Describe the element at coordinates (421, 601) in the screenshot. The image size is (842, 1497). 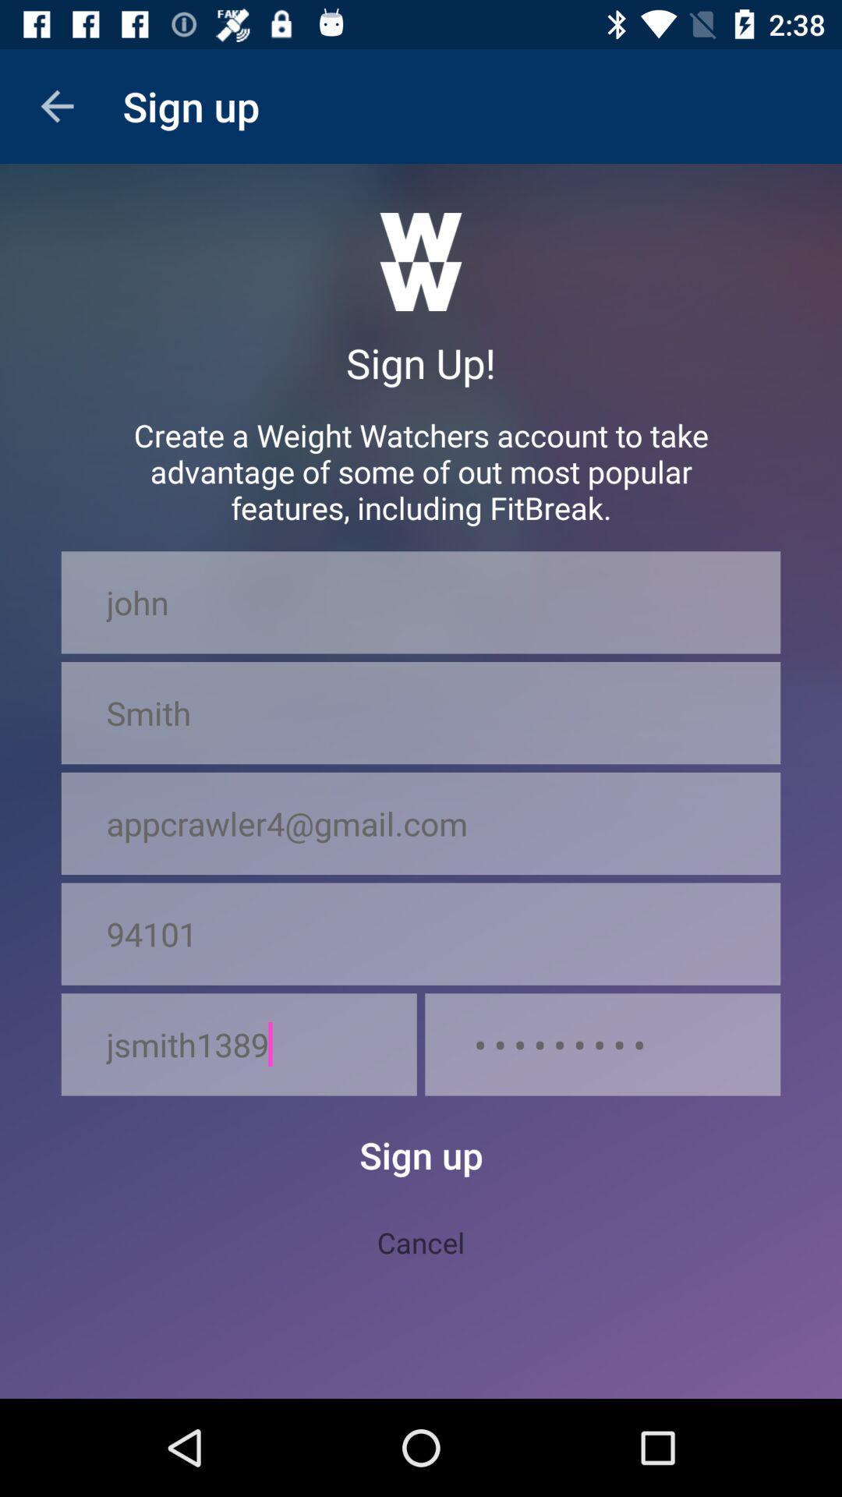
I see `the first text field of the page` at that location.